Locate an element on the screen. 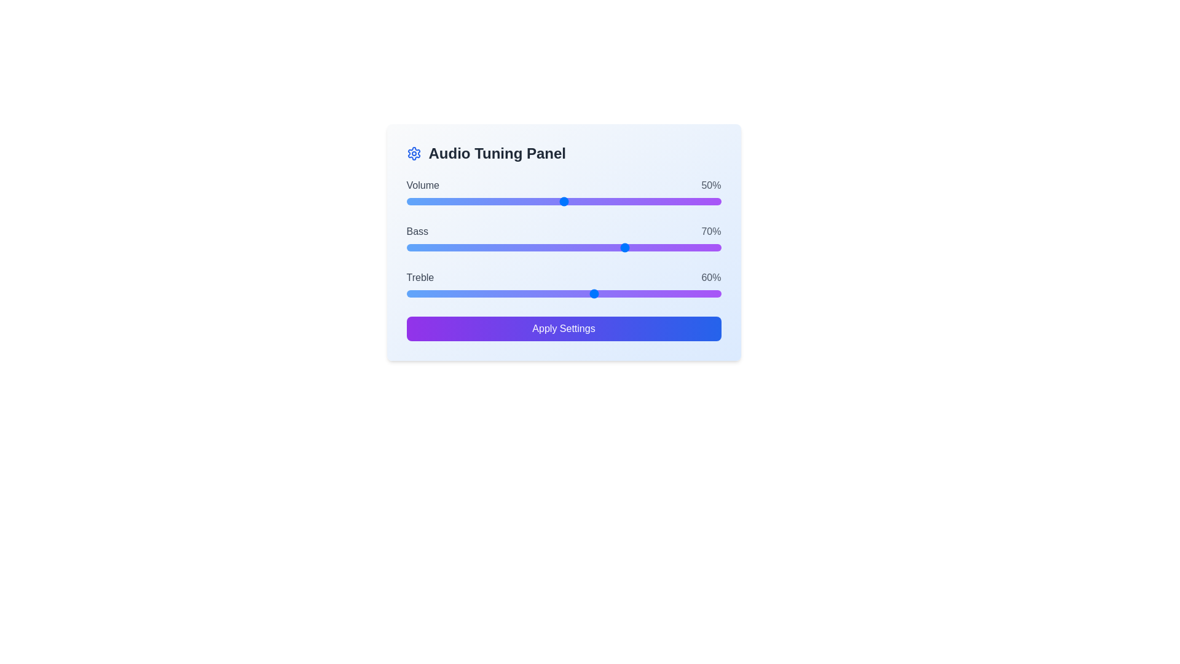 This screenshot has height=664, width=1180. the volume slider is located at coordinates (595, 200).